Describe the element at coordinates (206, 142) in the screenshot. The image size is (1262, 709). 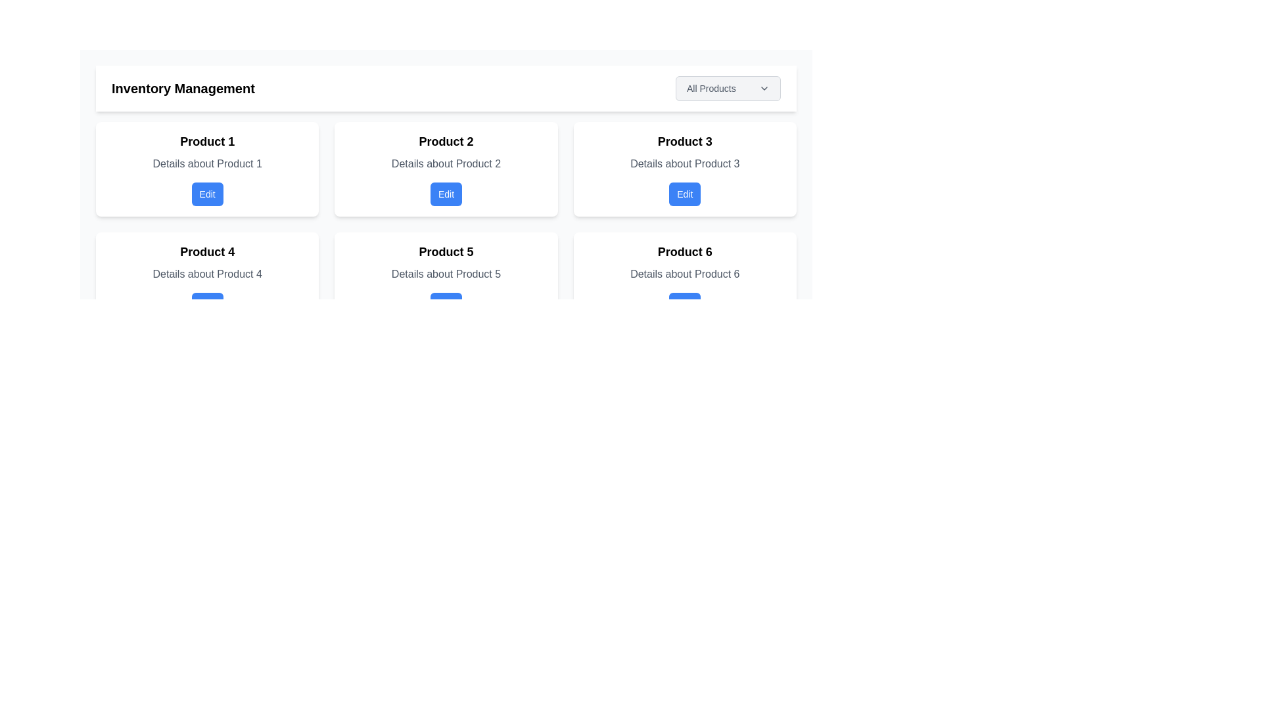
I see `the title text element of the first product card in the grid layout for accessibility tools` at that location.